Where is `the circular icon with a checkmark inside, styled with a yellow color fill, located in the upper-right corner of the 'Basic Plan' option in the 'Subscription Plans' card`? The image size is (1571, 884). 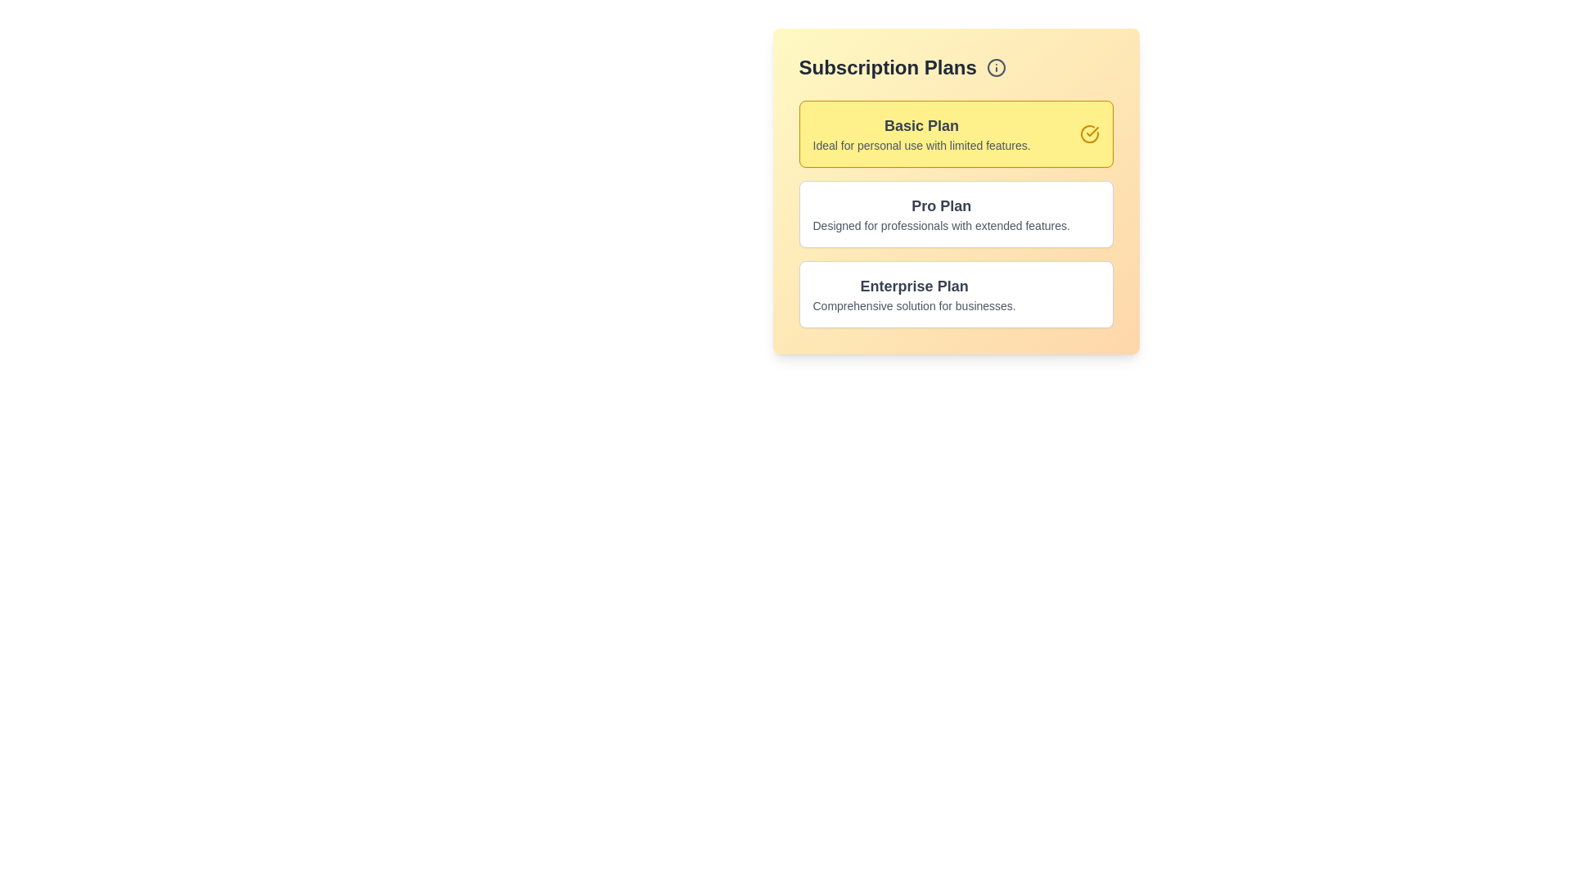 the circular icon with a checkmark inside, styled with a yellow color fill, located in the upper-right corner of the 'Basic Plan' option in the 'Subscription Plans' card is located at coordinates (1089, 133).